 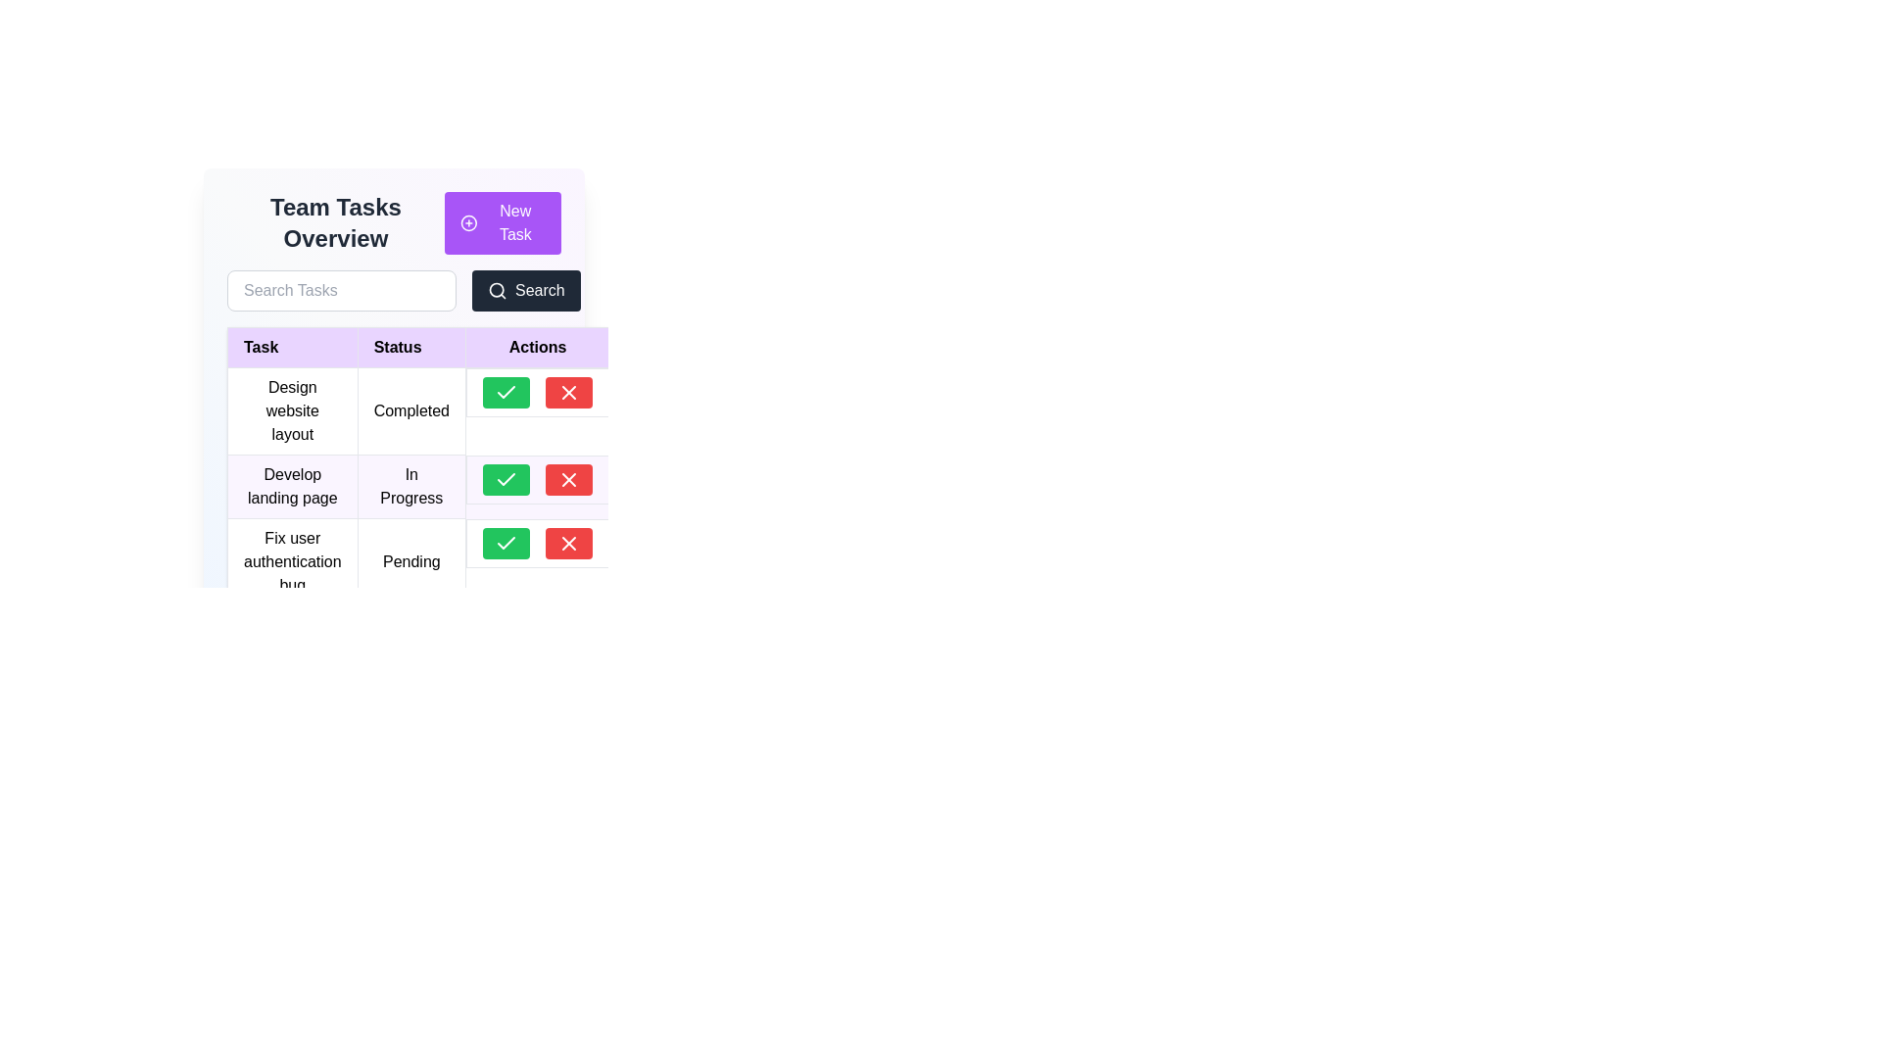 What do you see at coordinates (467, 221) in the screenshot?
I see `the circular outline of the icon within the top purple 'New Task' button, which is located beside the 'Search' button` at bounding box center [467, 221].